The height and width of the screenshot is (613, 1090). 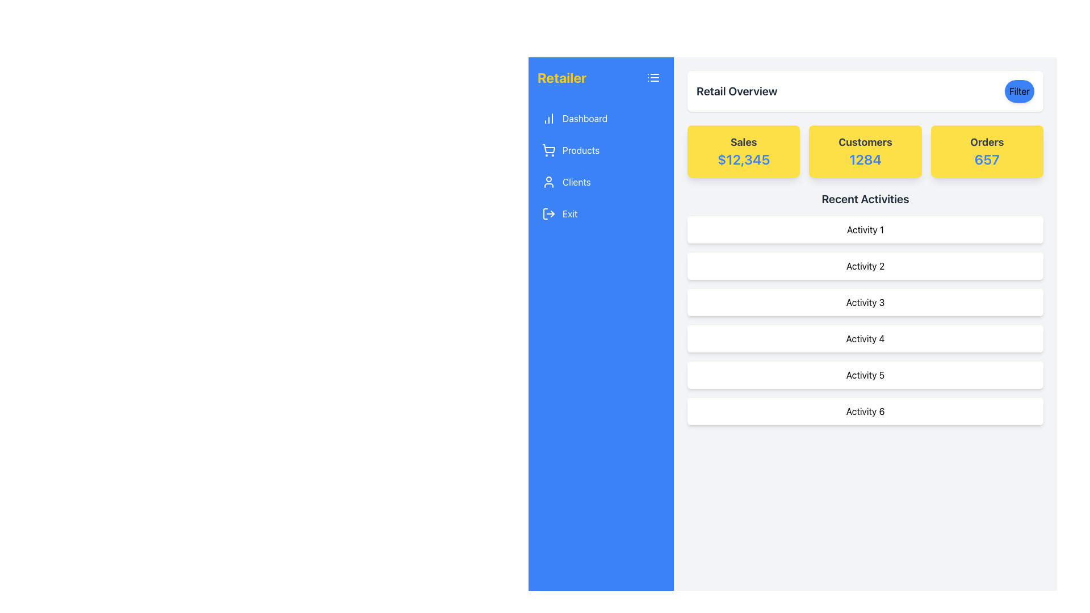 I want to click on the static display panel showing the number of customers, '1284', which is located between the 'Sales' and 'Orders' panels in the dashboard interface, so click(x=865, y=150).